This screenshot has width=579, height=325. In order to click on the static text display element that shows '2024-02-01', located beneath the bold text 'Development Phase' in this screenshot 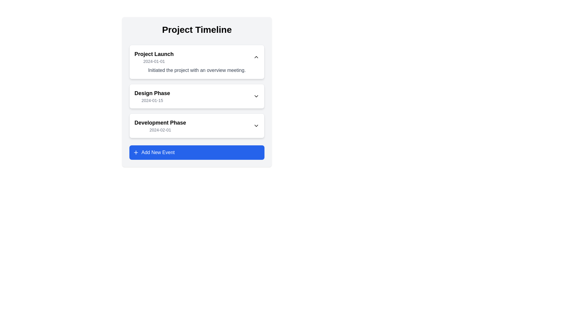, I will do `click(160, 130)`.